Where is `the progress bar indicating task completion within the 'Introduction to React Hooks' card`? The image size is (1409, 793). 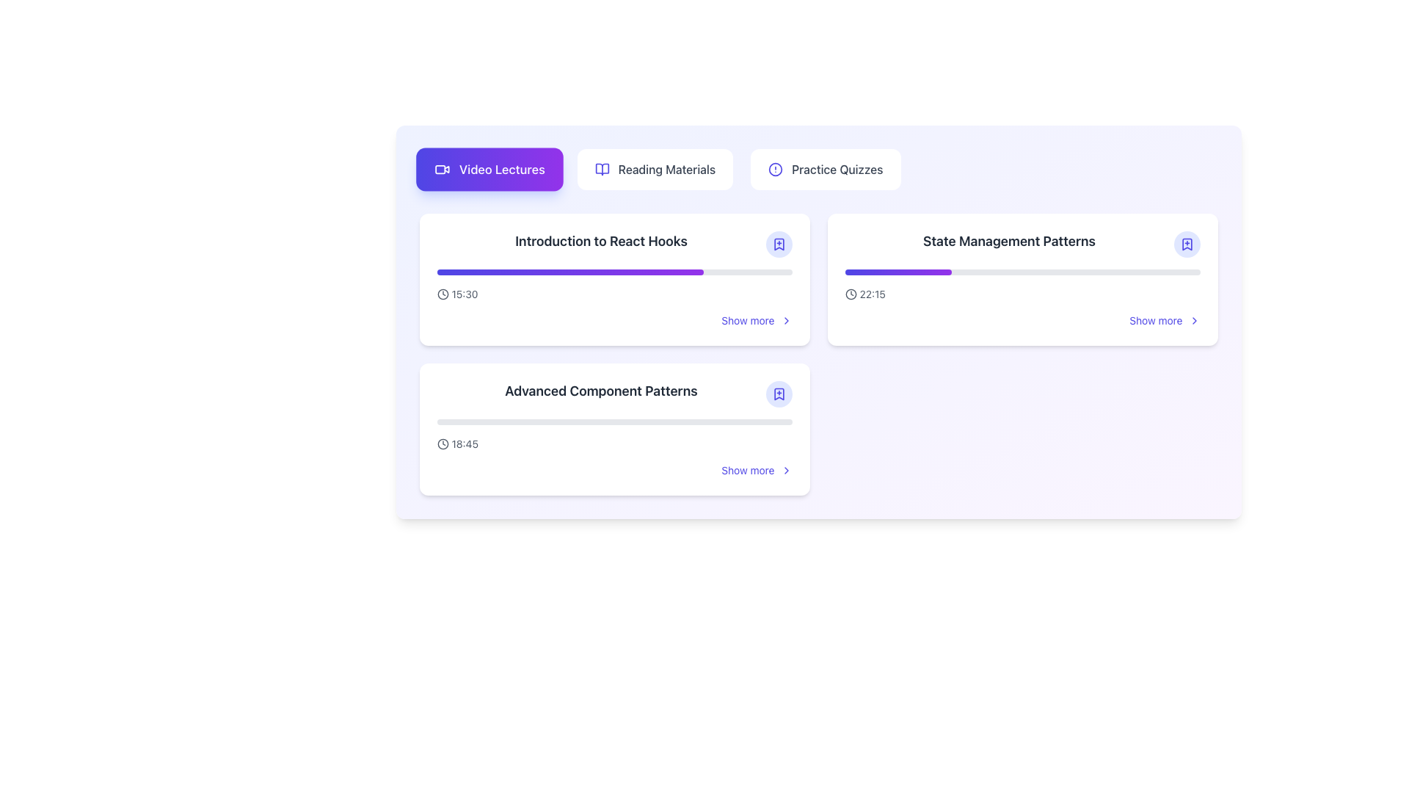 the progress bar indicating task completion within the 'Introduction to React Hooks' card is located at coordinates (569, 272).